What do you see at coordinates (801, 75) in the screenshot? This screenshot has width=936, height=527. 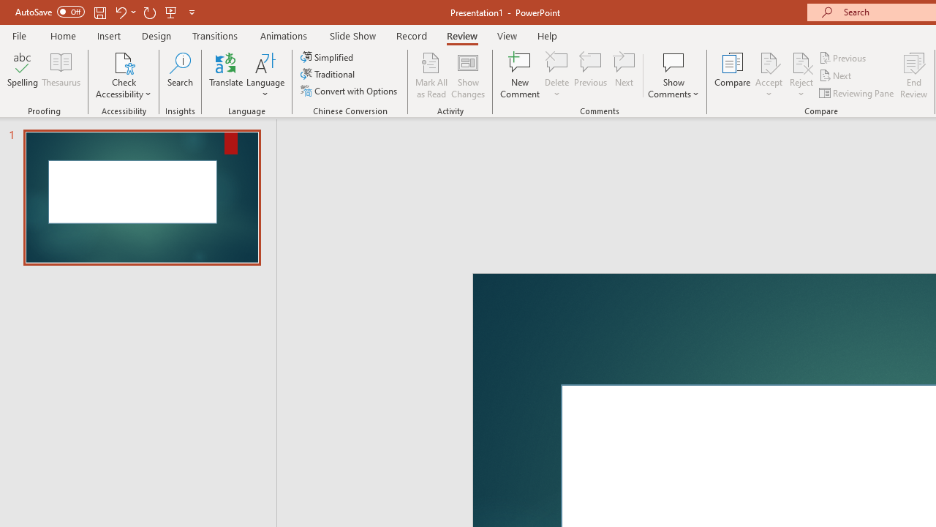 I see `'Reject'` at bounding box center [801, 75].